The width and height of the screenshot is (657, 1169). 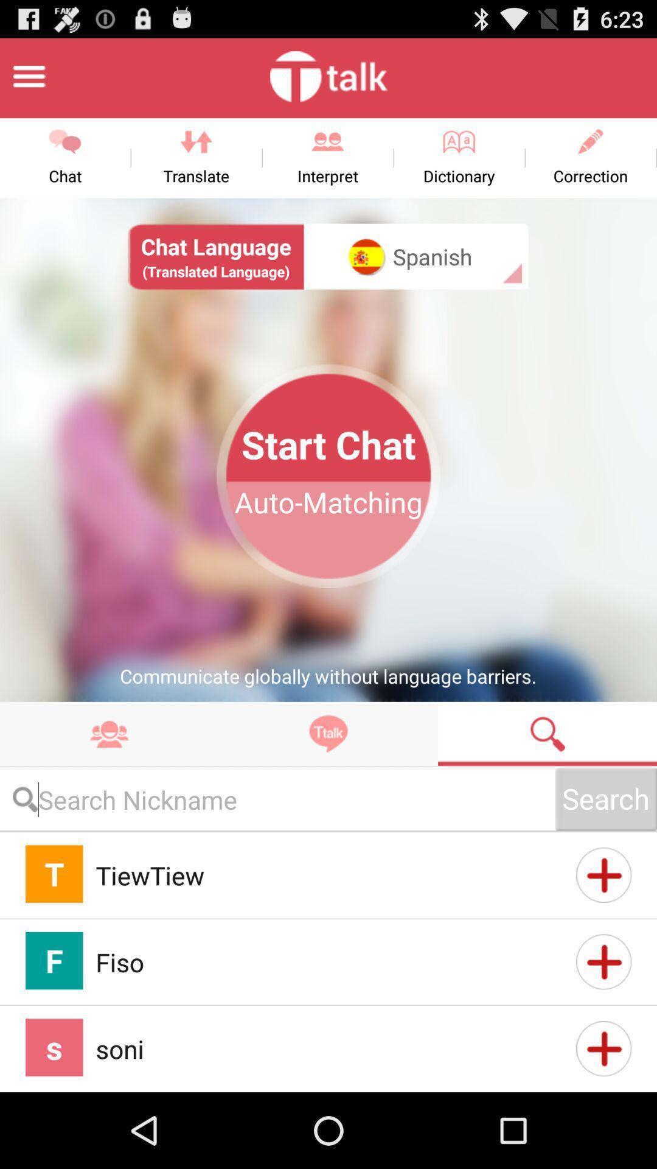 I want to click on the explore icon, so click(x=328, y=785).